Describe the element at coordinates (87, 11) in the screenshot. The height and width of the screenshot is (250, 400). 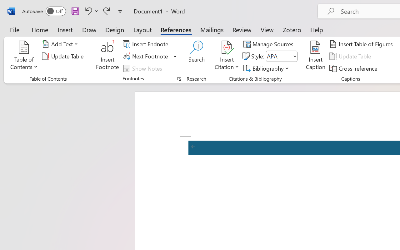
I see `'Undo Apply Quick Style Set'` at that location.